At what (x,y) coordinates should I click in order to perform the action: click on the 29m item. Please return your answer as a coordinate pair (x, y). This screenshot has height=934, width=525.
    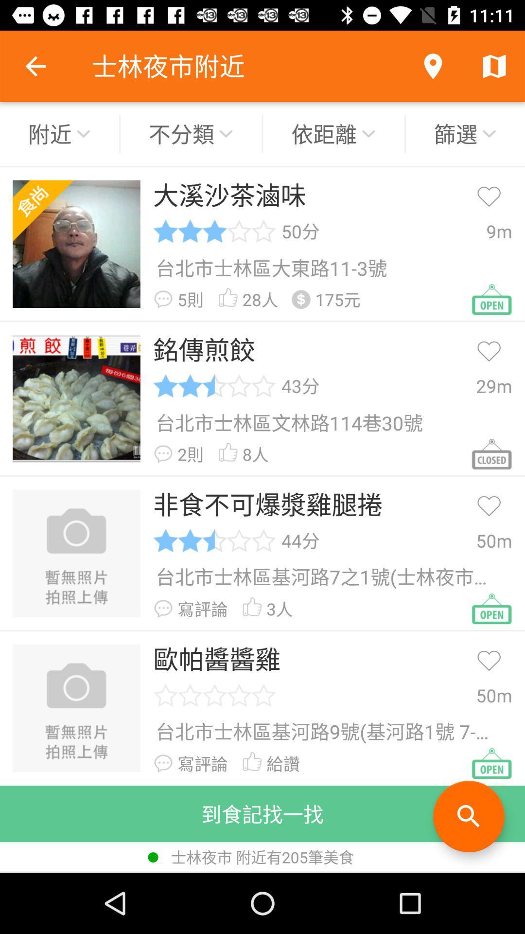
    Looking at the image, I should click on (494, 385).